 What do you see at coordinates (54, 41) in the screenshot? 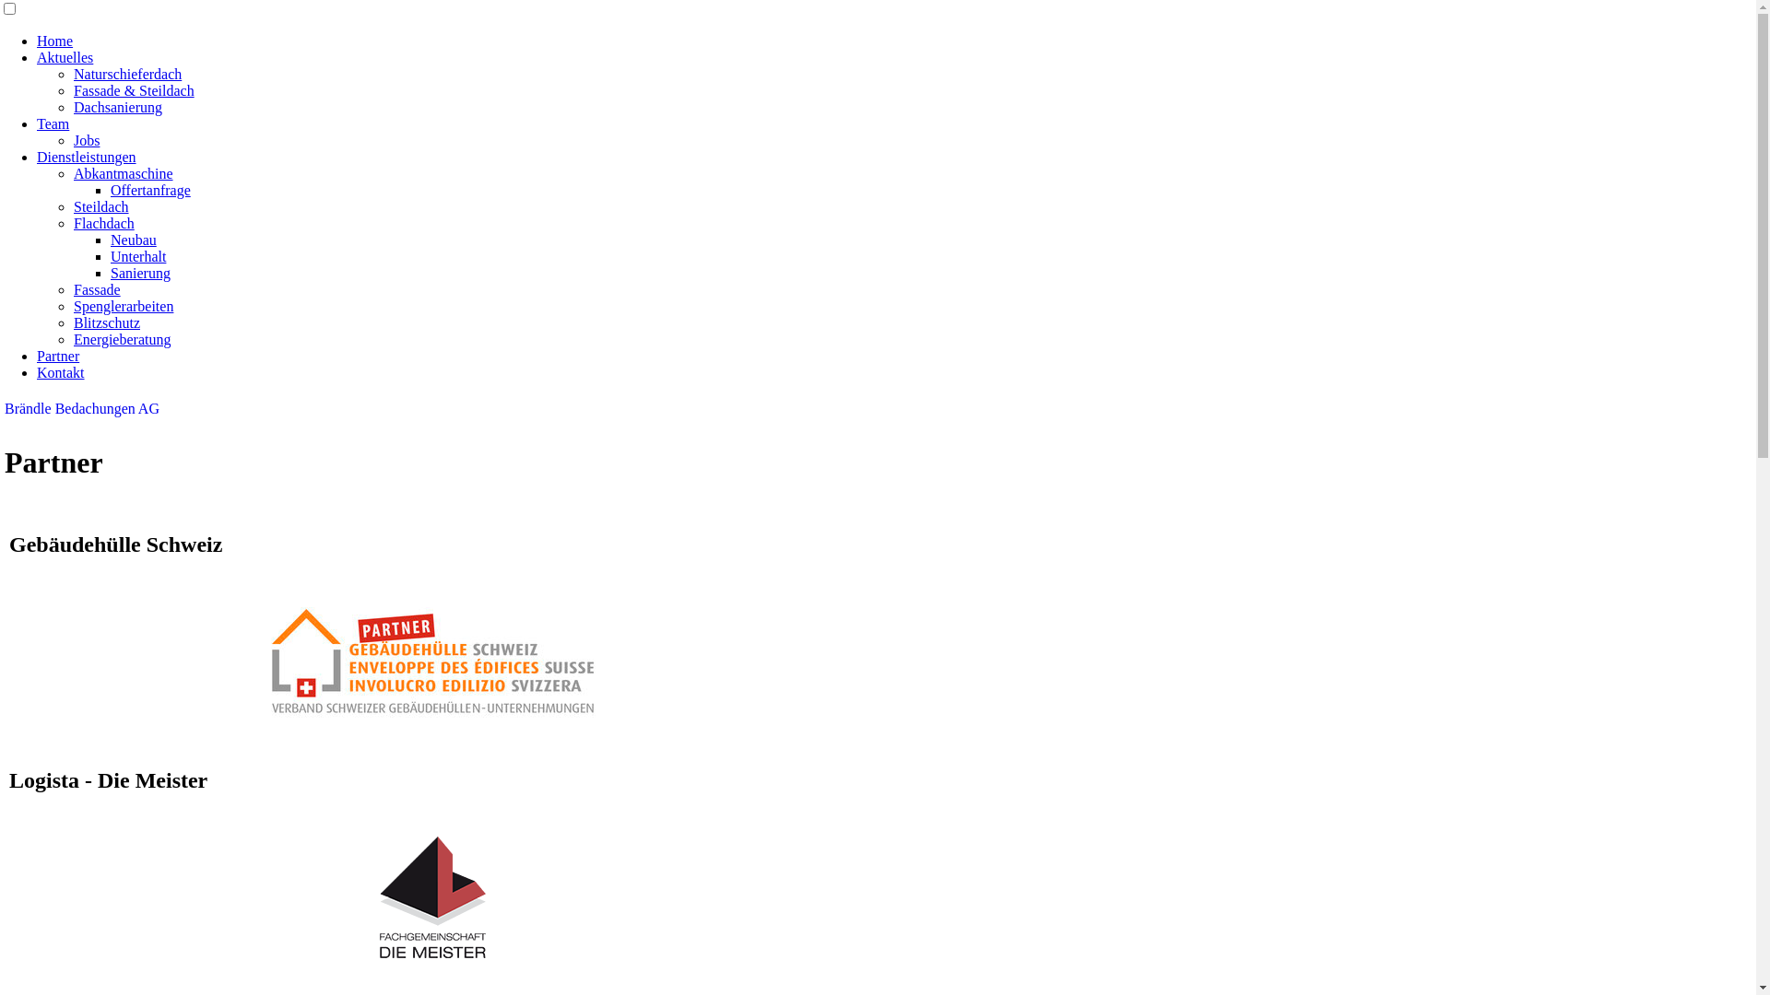
I see `'Home'` at bounding box center [54, 41].